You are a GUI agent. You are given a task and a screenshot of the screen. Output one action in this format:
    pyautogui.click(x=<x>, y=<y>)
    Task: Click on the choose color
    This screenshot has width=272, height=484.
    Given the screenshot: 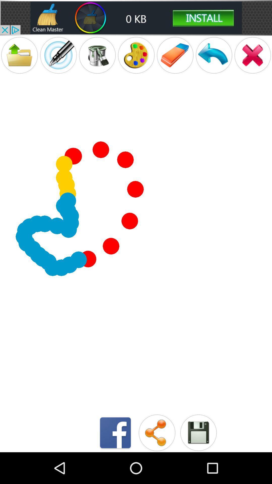 What is the action you would take?
    pyautogui.click(x=136, y=55)
    